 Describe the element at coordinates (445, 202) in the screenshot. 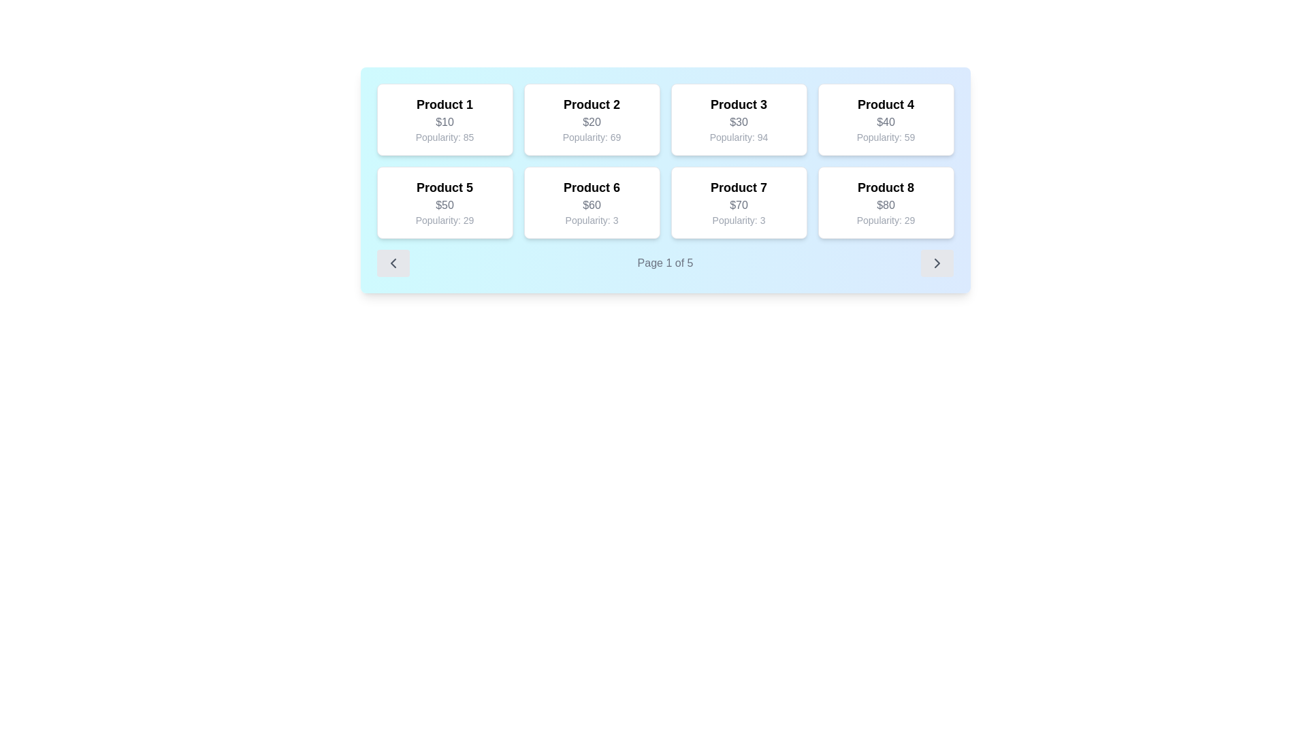

I see `Informational card displaying 'Product 5' with its price and popularity information by interacting with the element located in the second row, first column of the grid layout` at that location.